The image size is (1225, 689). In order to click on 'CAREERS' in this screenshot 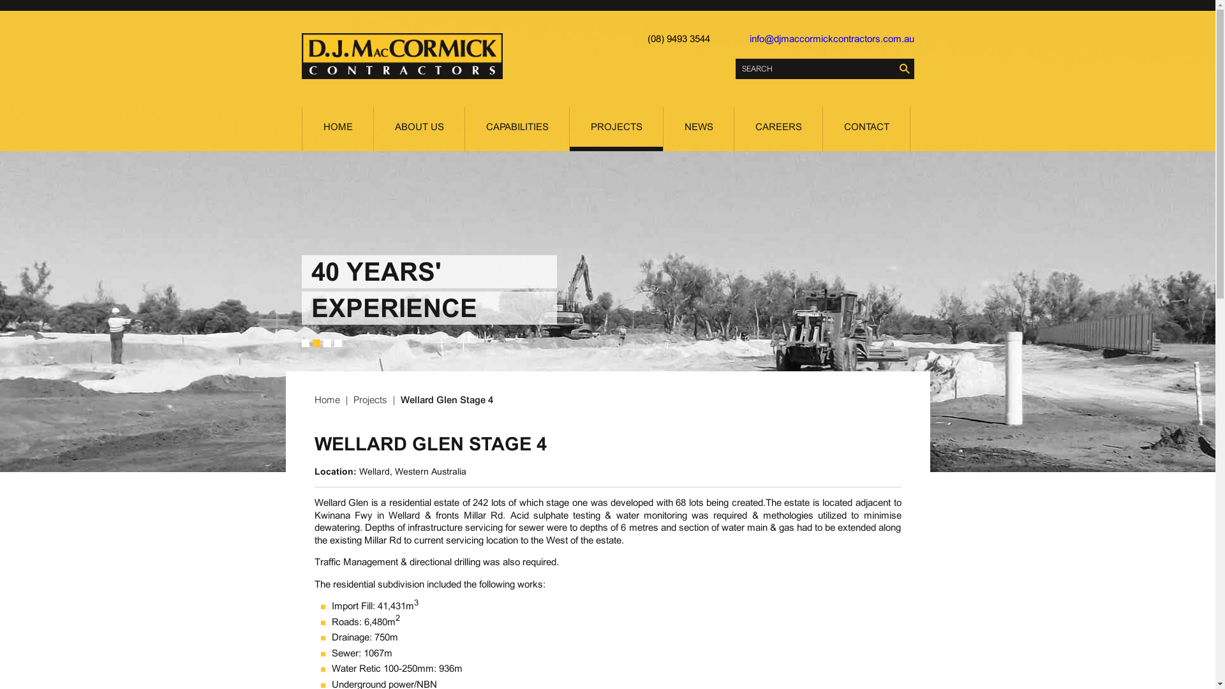, I will do `click(777, 129)`.